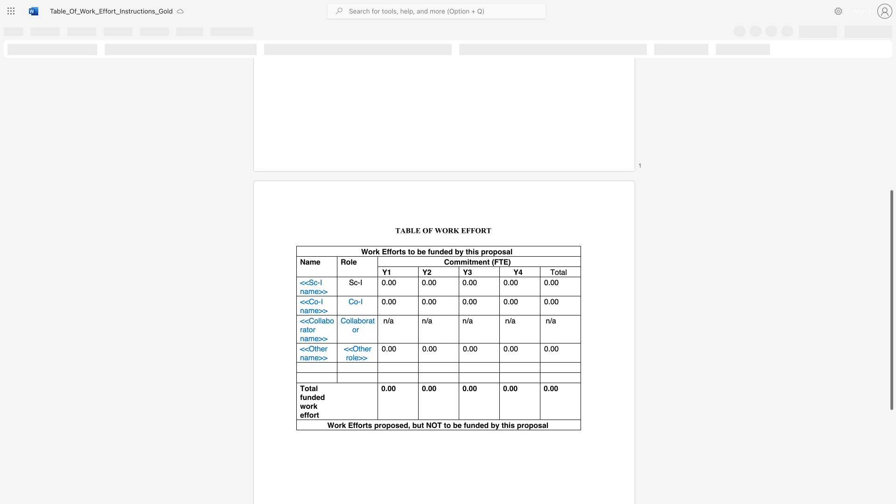 This screenshot has width=896, height=504. I want to click on the scrollbar and move down 400 pixels, so click(891, 300).